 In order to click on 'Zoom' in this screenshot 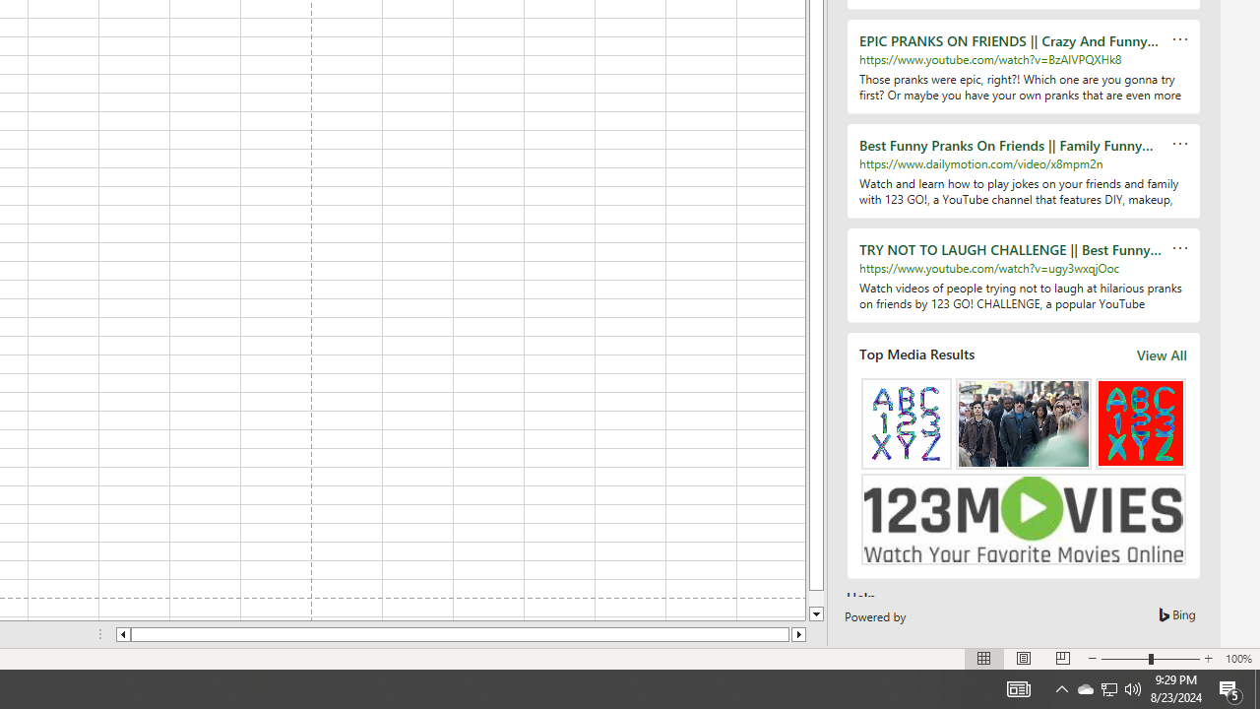, I will do `click(1150, 659)`.